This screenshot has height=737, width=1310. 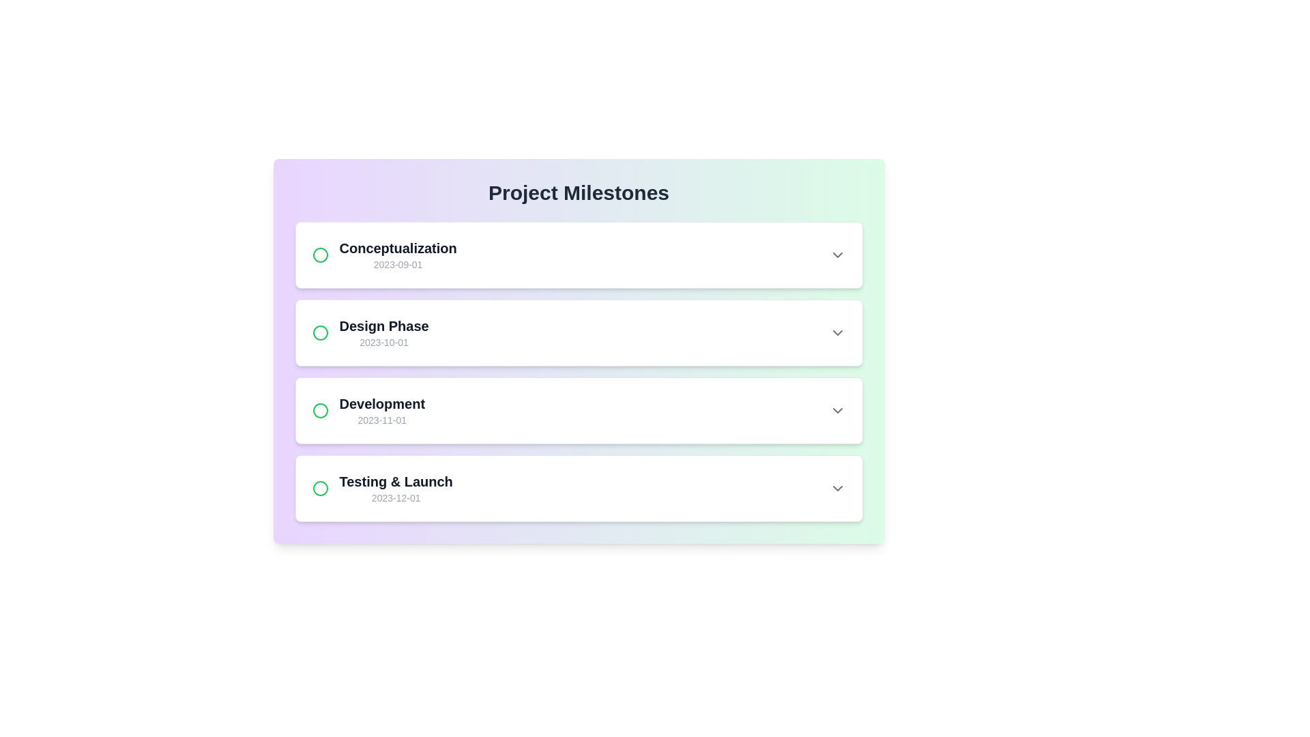 I want to click on the first milestone item in the project milestones list, so click(x=383, y=255).